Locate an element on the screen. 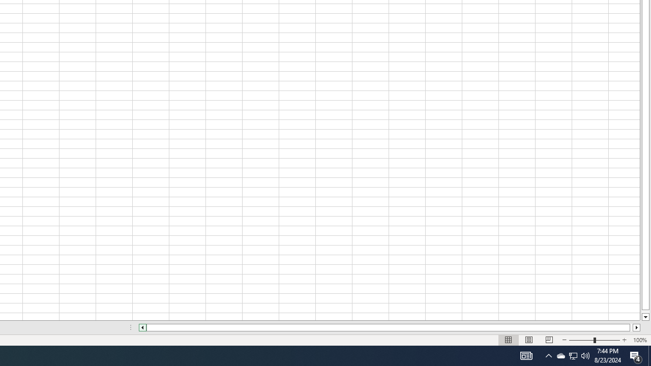  'Line down' is located at coordinates (645, 317).